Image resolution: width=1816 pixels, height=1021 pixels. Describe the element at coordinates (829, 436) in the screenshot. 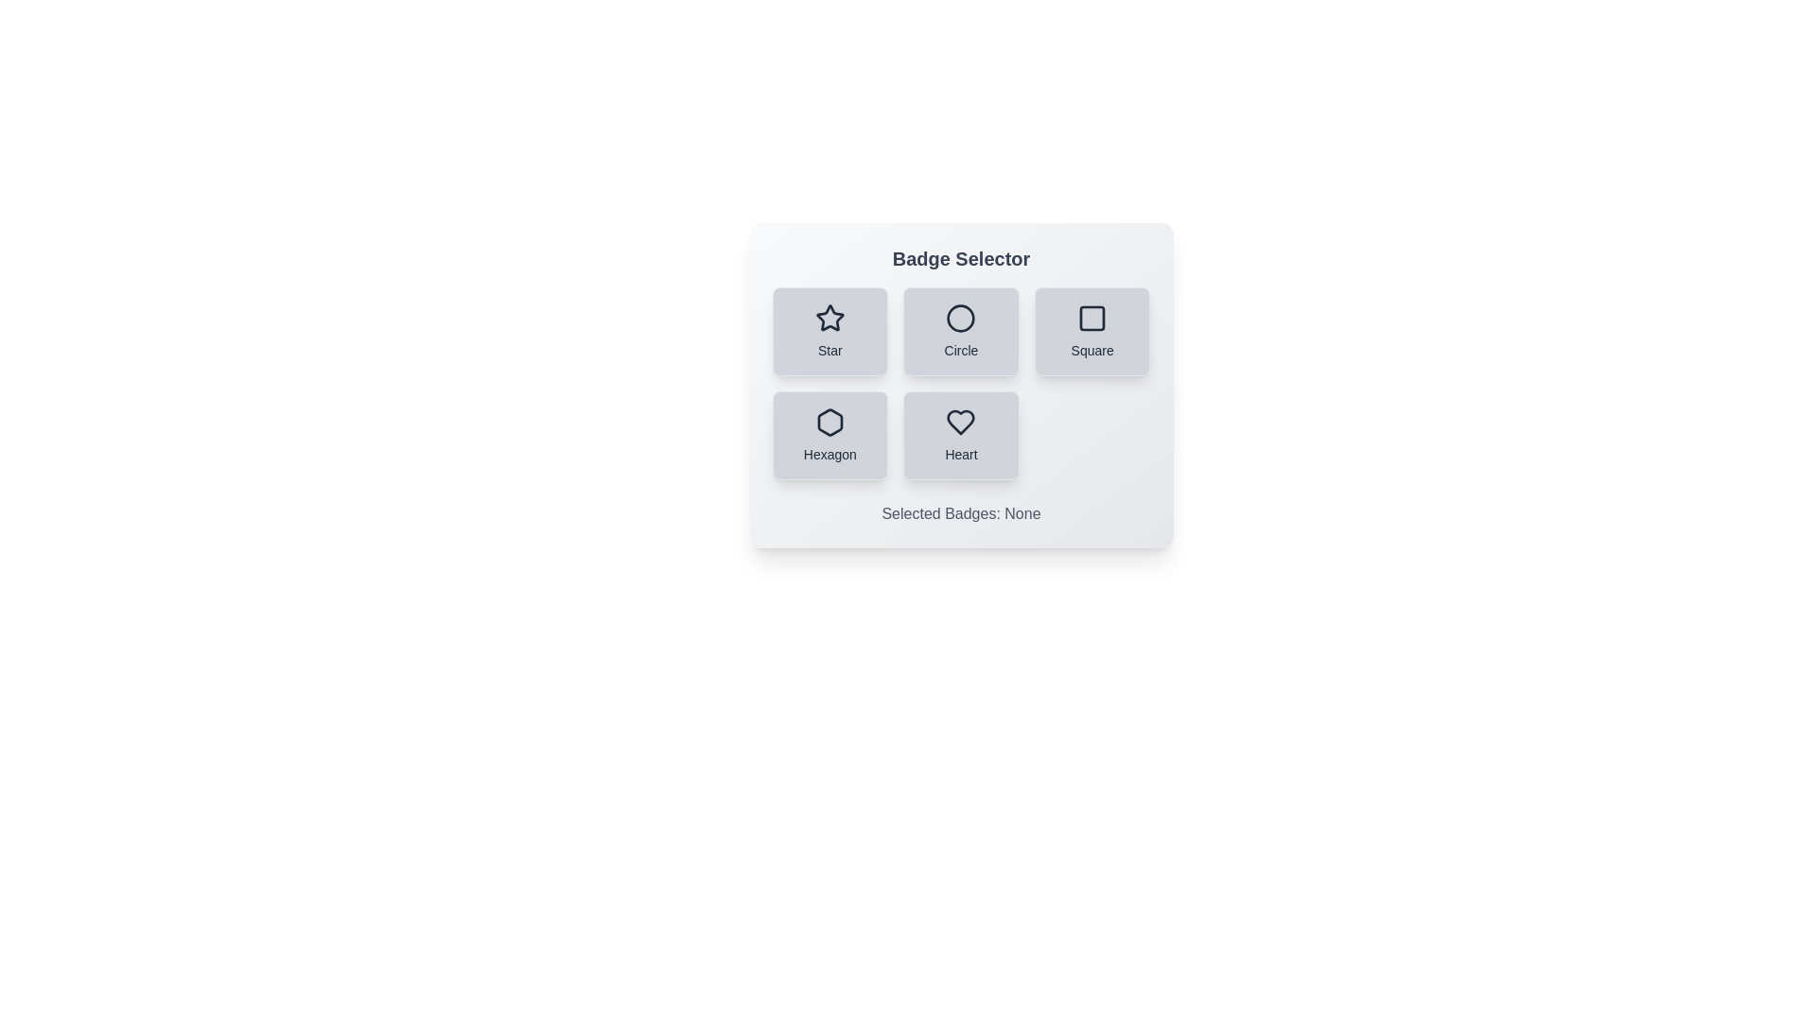

I see `the badge button labeled Hexagon to observe its visual feedback` at that location.